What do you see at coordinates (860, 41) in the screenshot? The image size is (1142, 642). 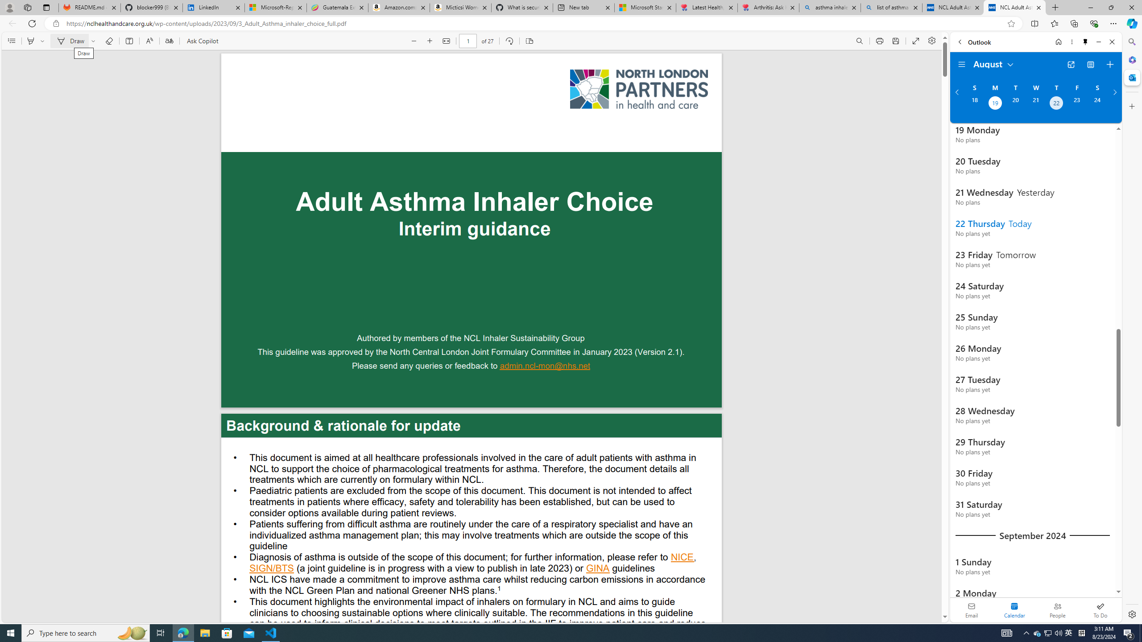 I see `'Find (Ctrl + F)'` at bounding box center [860, 41].